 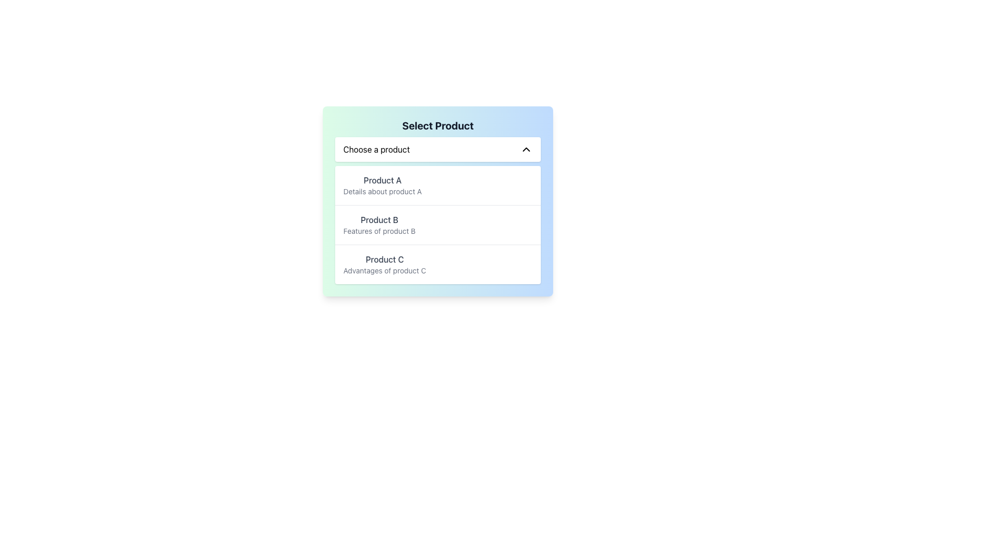 I want to click on the dropdown list option labeled 'Product C', so click(x=384, y=264).